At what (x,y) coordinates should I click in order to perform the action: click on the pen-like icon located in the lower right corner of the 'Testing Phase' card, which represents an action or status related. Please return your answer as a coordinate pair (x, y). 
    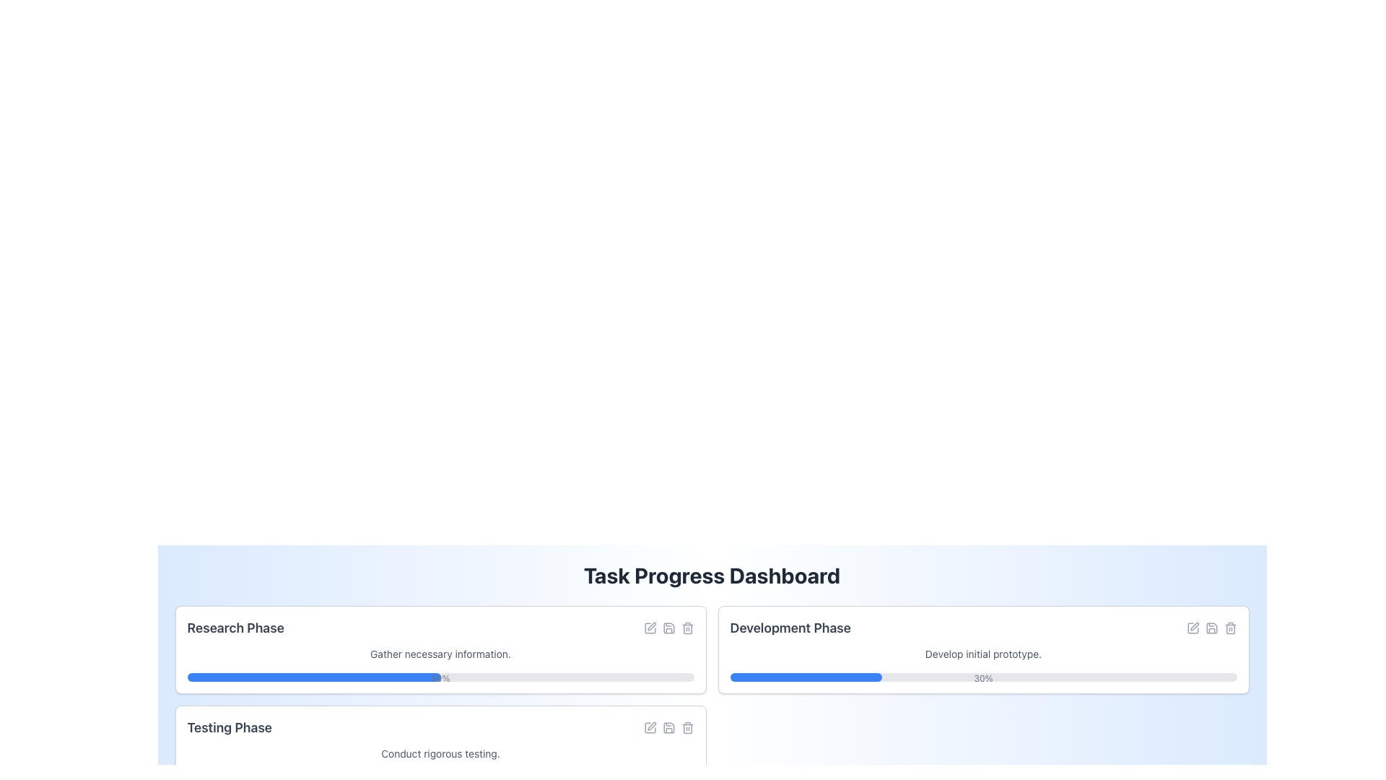
    Looking at the image, I should click on (650, 726).